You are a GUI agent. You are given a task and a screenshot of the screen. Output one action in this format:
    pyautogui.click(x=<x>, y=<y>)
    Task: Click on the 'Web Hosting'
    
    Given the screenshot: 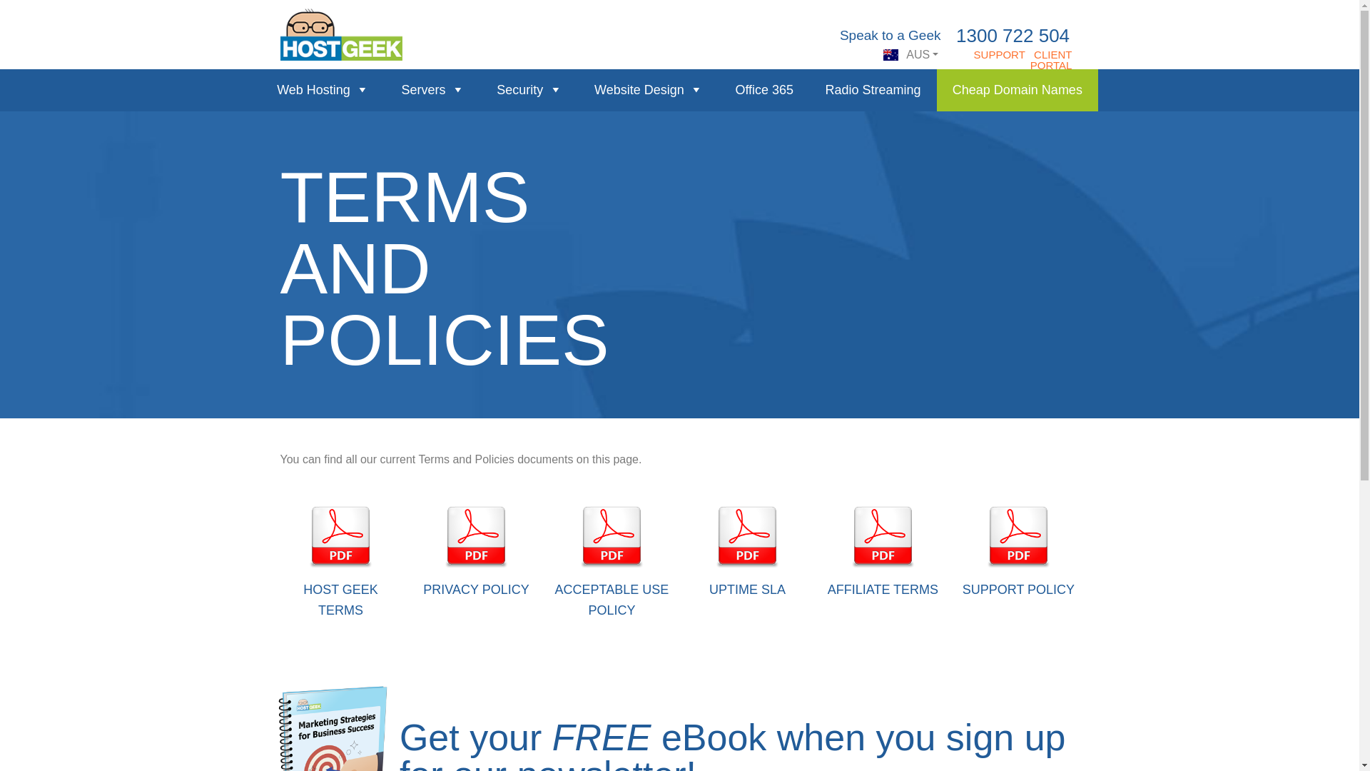 What is the action you would take?
    pyautogui.click(x=260, y=90)
    